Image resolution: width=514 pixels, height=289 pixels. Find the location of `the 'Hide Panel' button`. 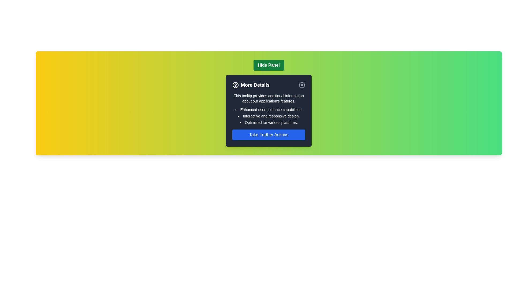

the 'Hide Panel' button is located at coordinates (269, 65).